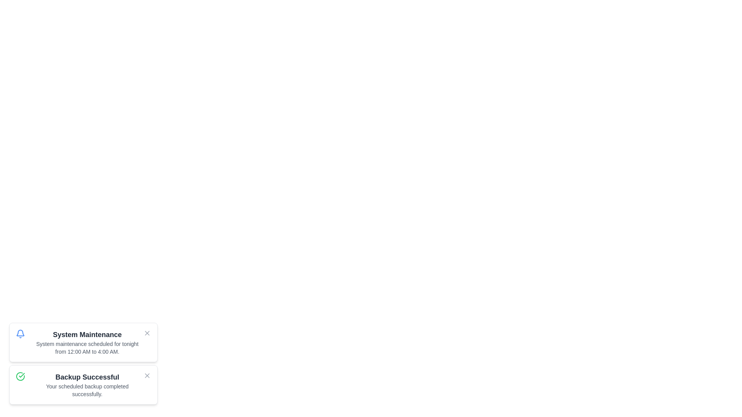 The width and height of the screenshot is (742, 417). I want to click on the Notification message titled 'Backup Successful' that is styled with two lines of text, where the title is bold and larger, and the subtitle is smaller and lighter, located in the second notification card below 'System Maintenance', so click(87, 385).